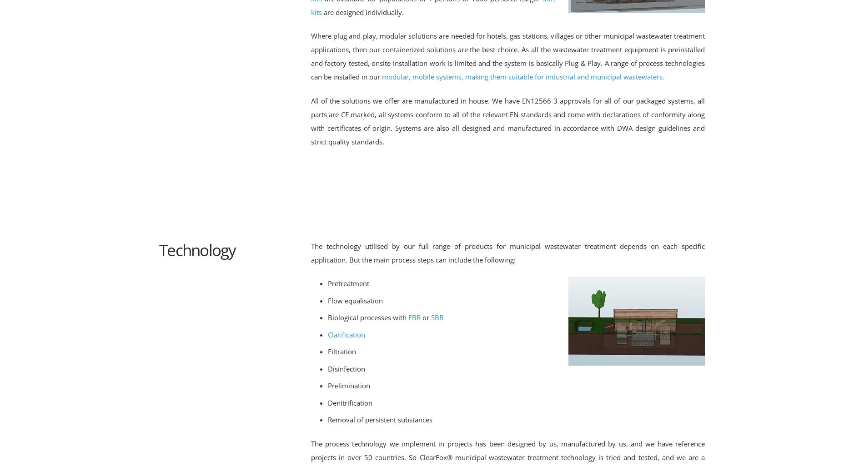  Describe the element at coordinates (311, 107) in the screenshot. I see `'All of the solutions we offer are manufactured in house. We have EN12566-3 approvals for all of our packaged systems, all parts are CE marked,'` at that location.